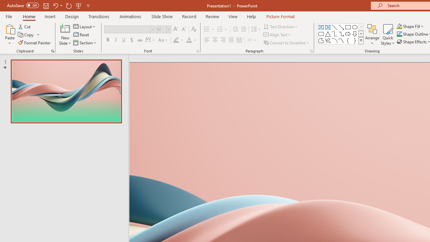 This screenshot has height=242, width=430. I want to click on 'Connector: Elbow', so click(334, 34).